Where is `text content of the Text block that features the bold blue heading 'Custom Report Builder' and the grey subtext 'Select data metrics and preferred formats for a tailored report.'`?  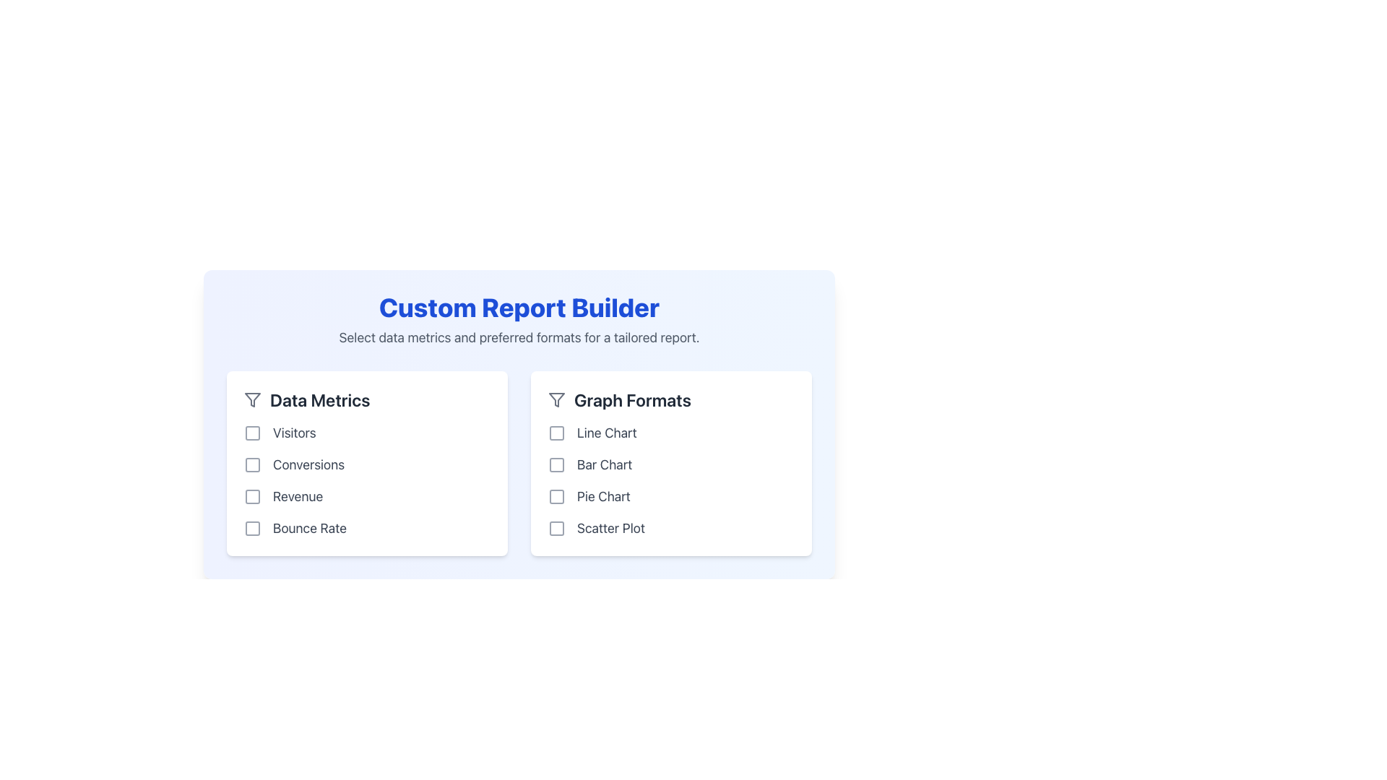
text content of the Text block that features the bold blue heading 'Custom Report Builder' and the grey subtext 'Select data metrics and preferred formats for a tailored report.' is located at coordinates (519, 319).